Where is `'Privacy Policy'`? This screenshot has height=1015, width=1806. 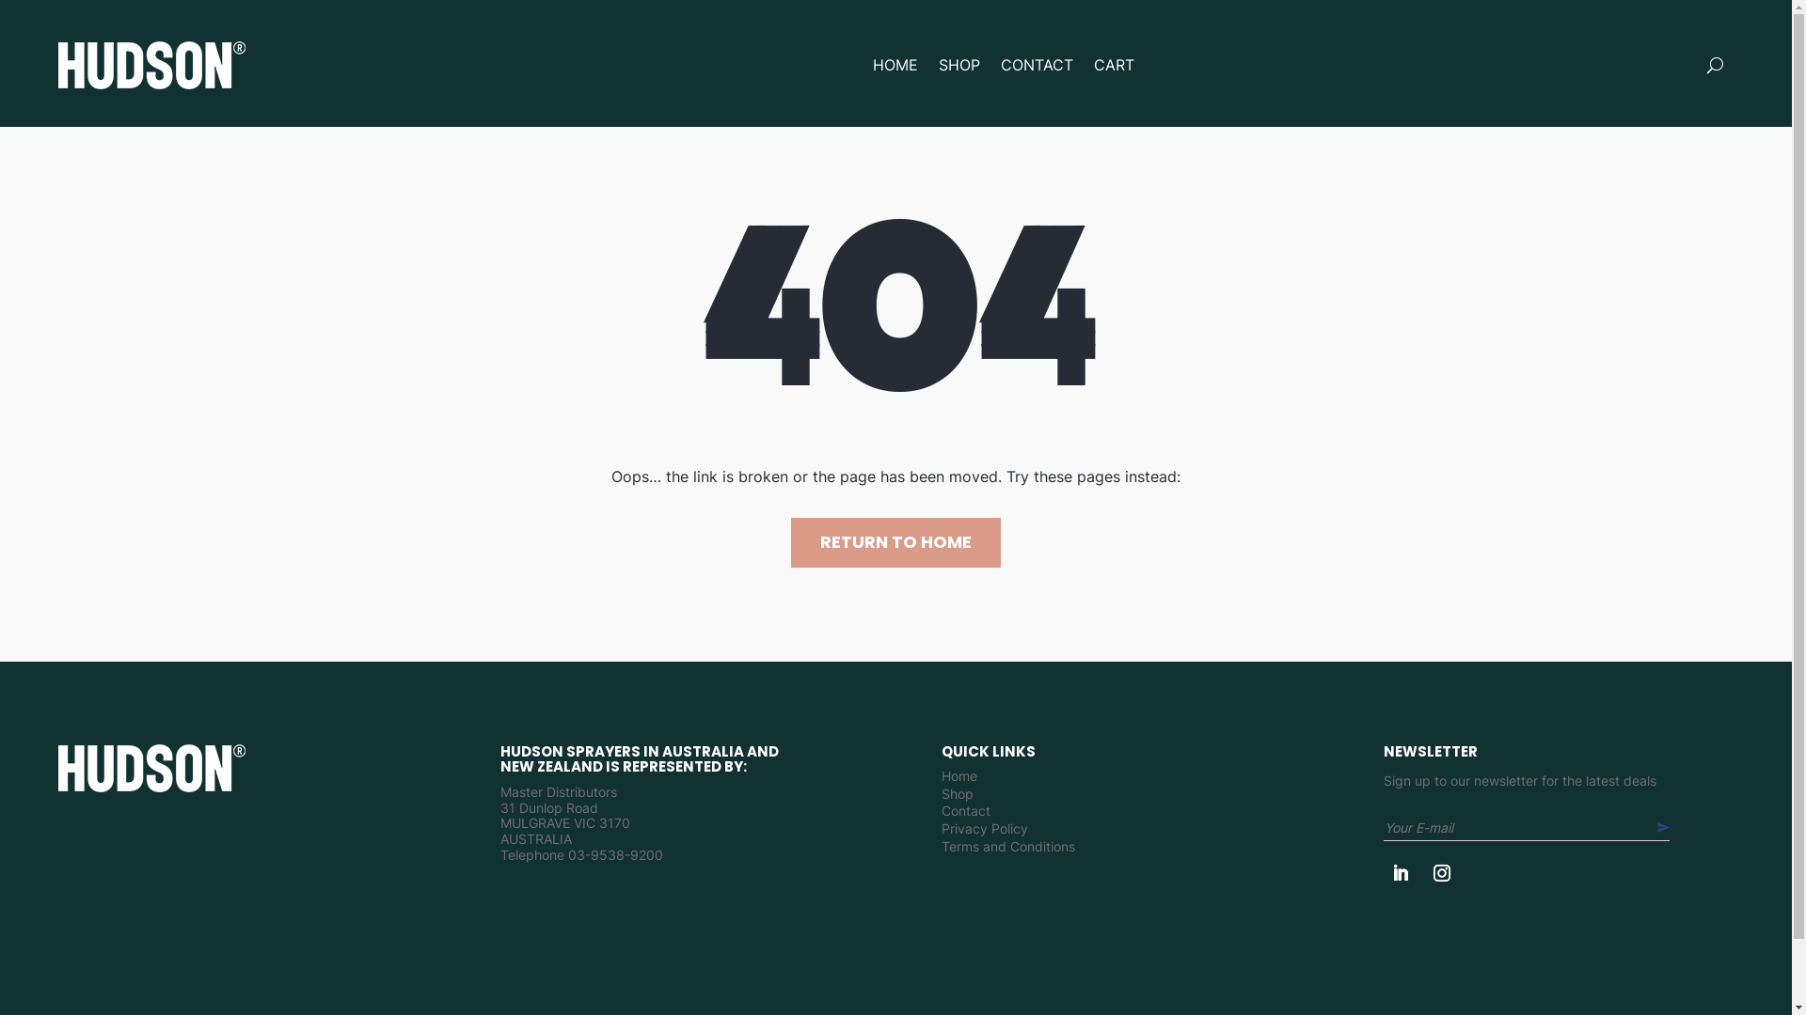 'Privacy Policy' is located at coordinates (983, 832).